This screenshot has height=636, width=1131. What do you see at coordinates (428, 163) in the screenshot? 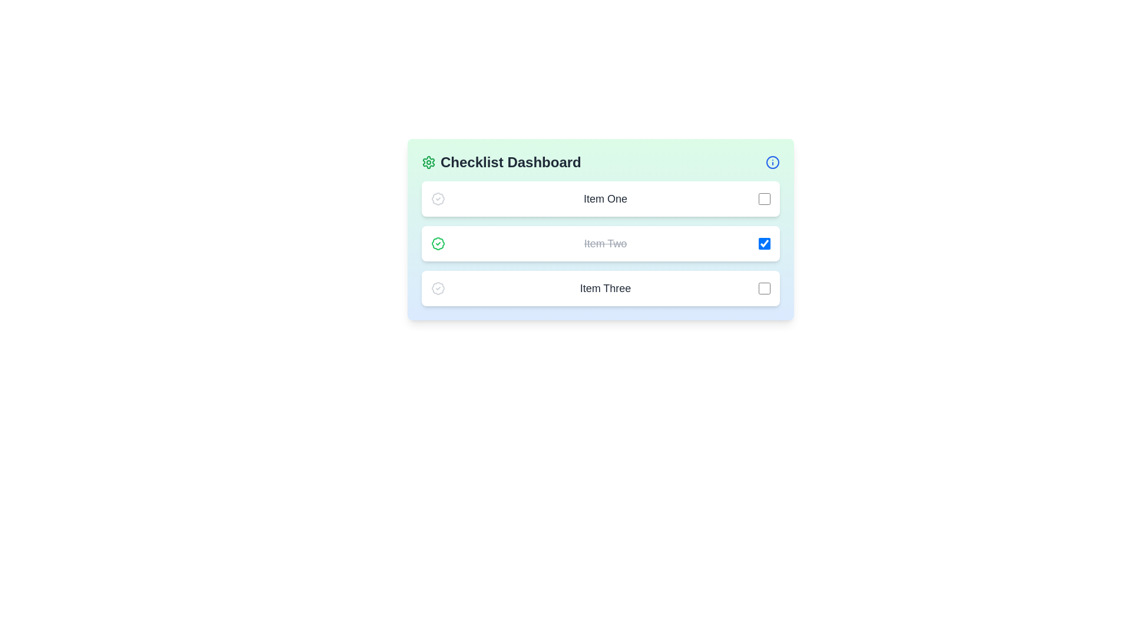
I see `the green cogwheel icon located in the header, to the left of the 'Checklist Dashboard' title` at bounding box center [428, 163].